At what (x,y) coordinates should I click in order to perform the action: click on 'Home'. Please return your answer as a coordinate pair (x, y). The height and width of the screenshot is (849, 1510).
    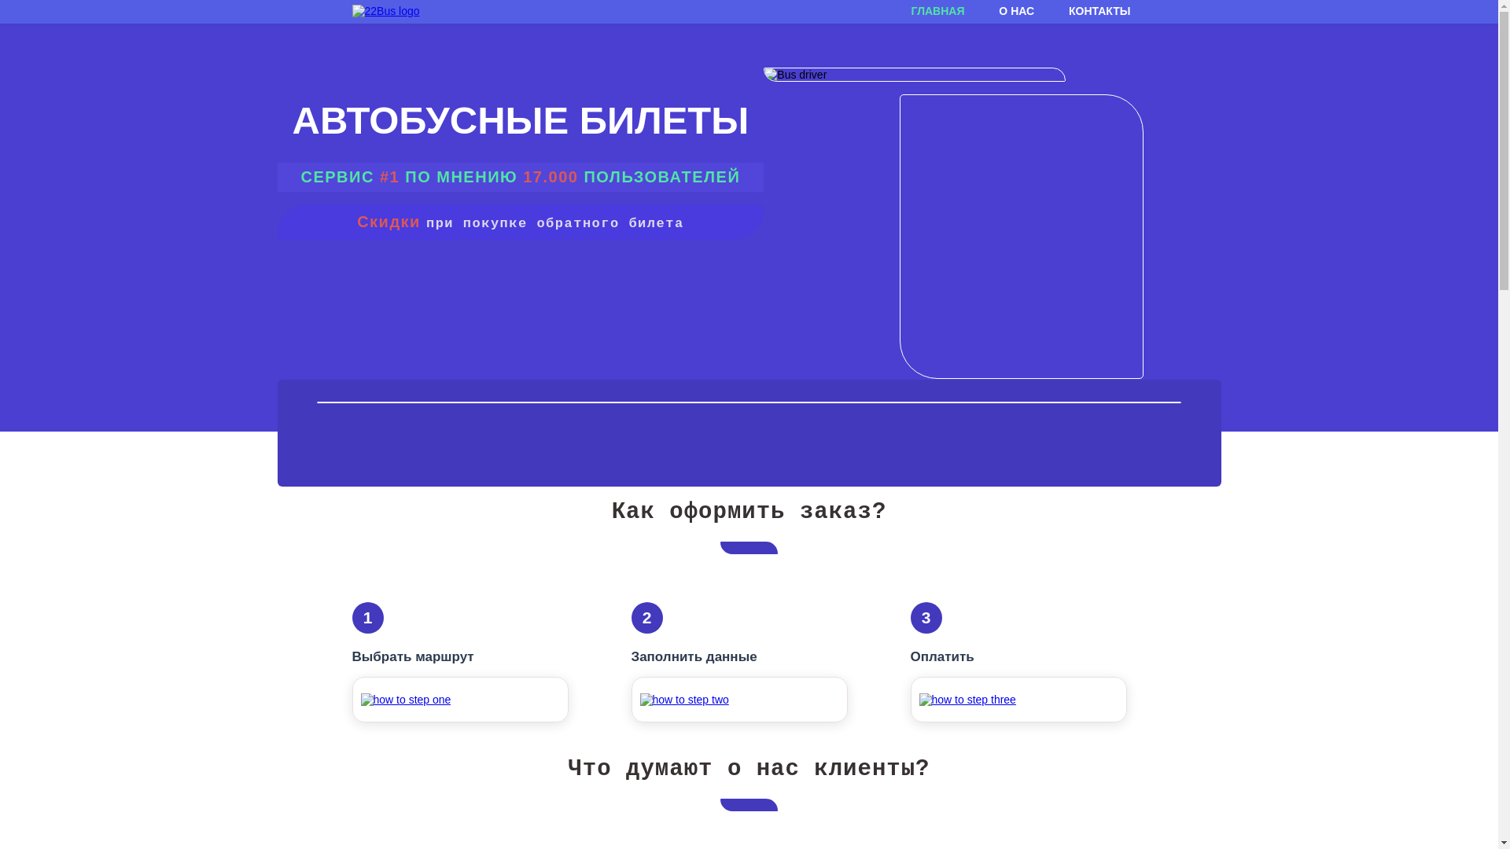
    Looking at the image, I should click on (385, 11).